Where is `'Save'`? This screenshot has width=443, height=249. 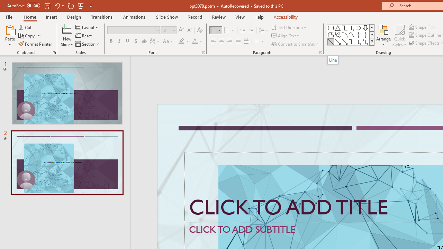 'Save' is located at coordinates (47, 6).